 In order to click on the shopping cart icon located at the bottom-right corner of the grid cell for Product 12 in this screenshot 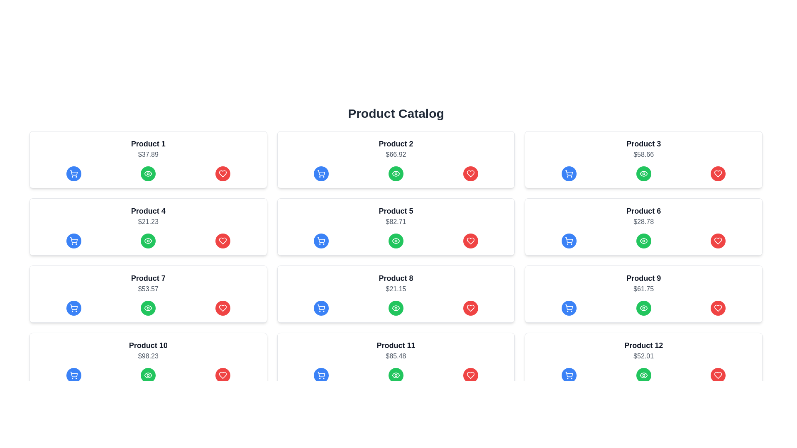, I will do `click(569, 374)`.